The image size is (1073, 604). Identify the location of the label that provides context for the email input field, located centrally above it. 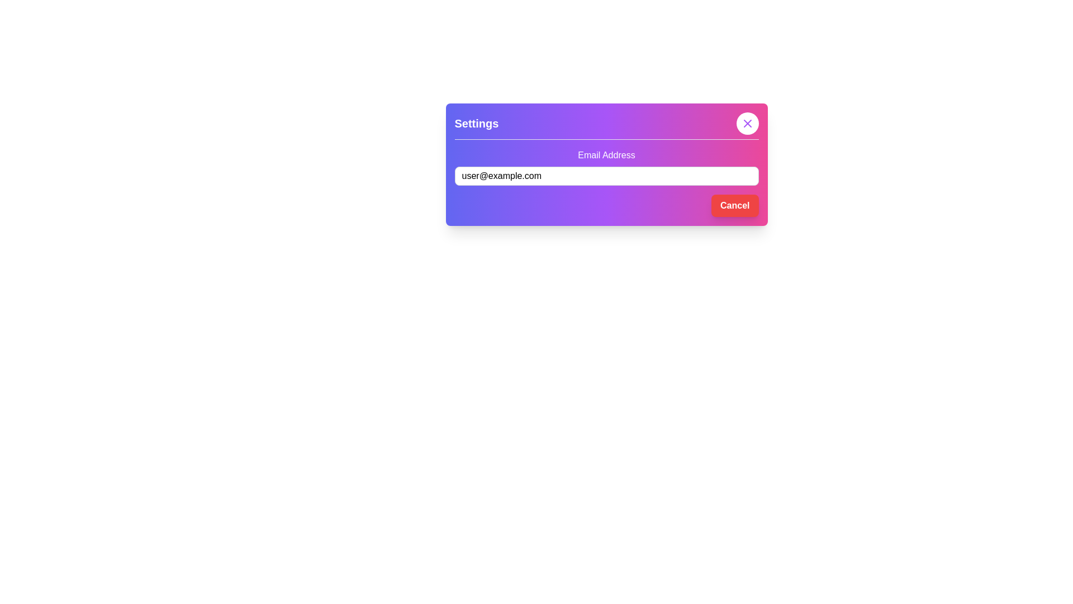
(606, 155).